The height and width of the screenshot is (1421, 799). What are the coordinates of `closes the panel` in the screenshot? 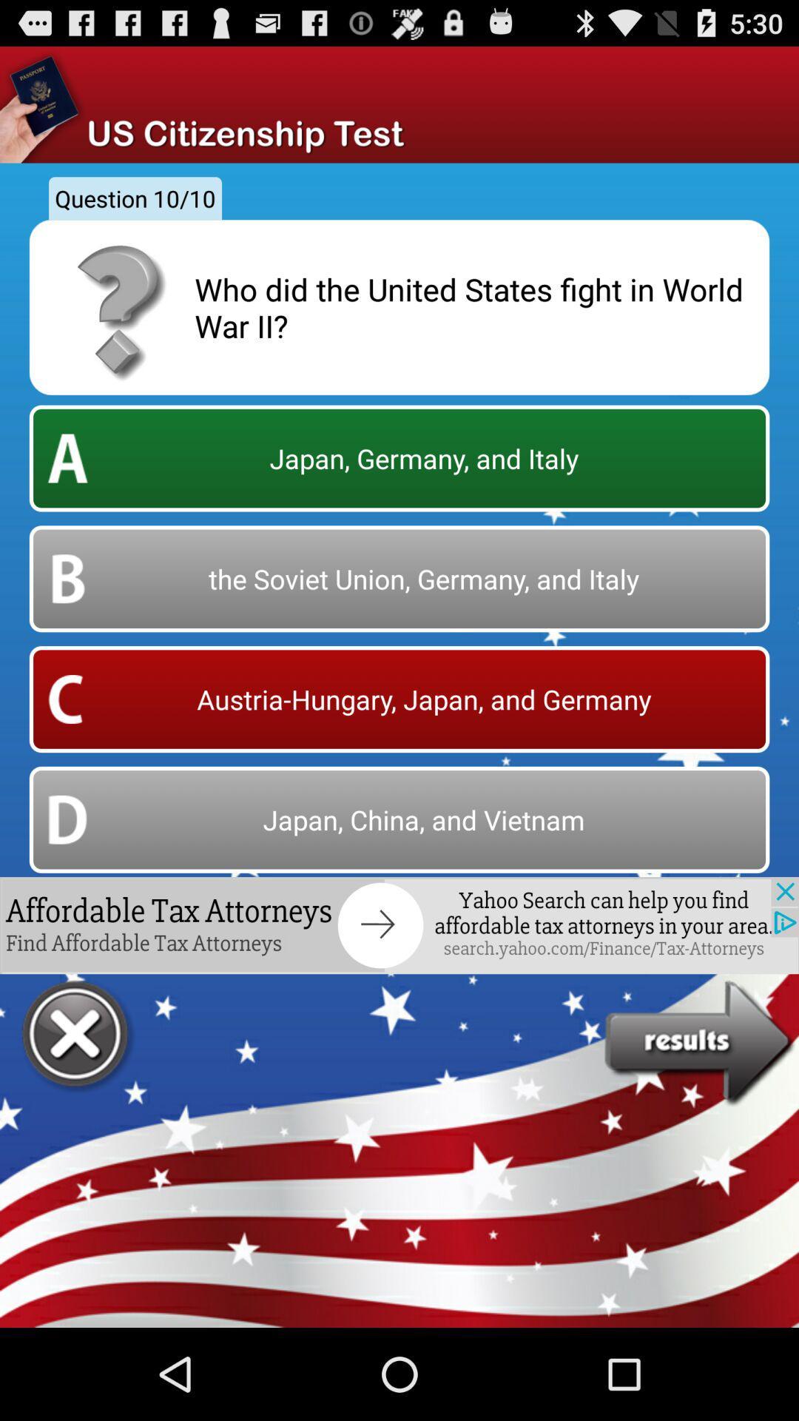 It's located at (77, 1035).